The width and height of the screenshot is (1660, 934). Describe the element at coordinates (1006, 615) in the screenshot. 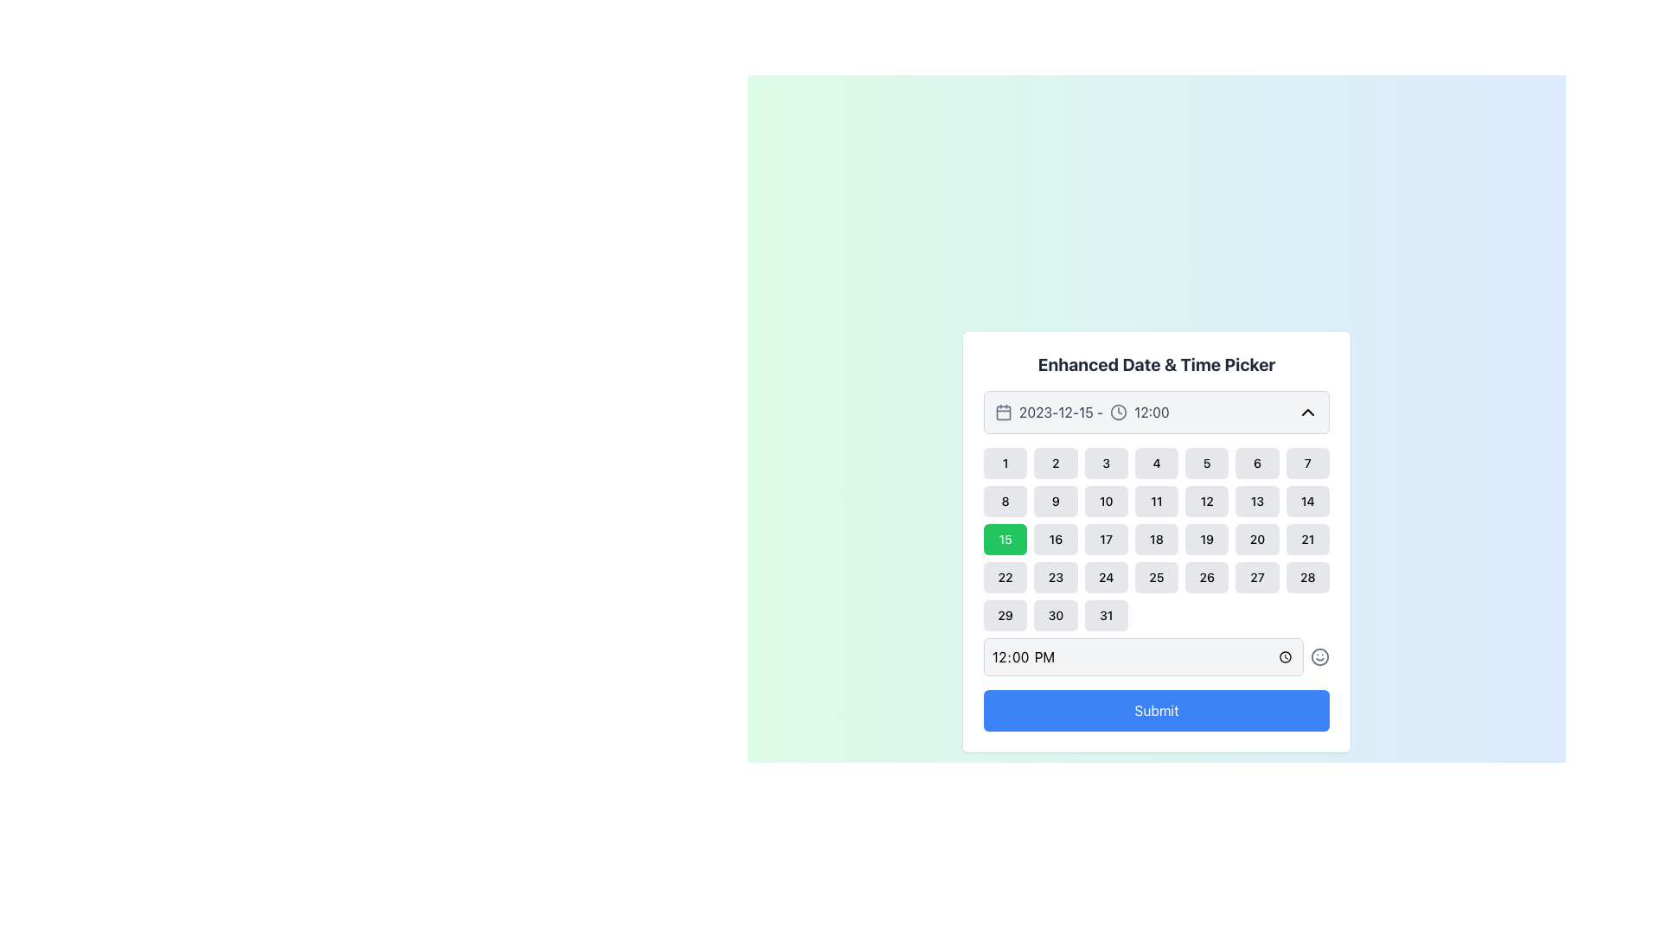

I see `the rectangular button displaying the number 29, located in the last row, first column of the calendar grid` at that location.